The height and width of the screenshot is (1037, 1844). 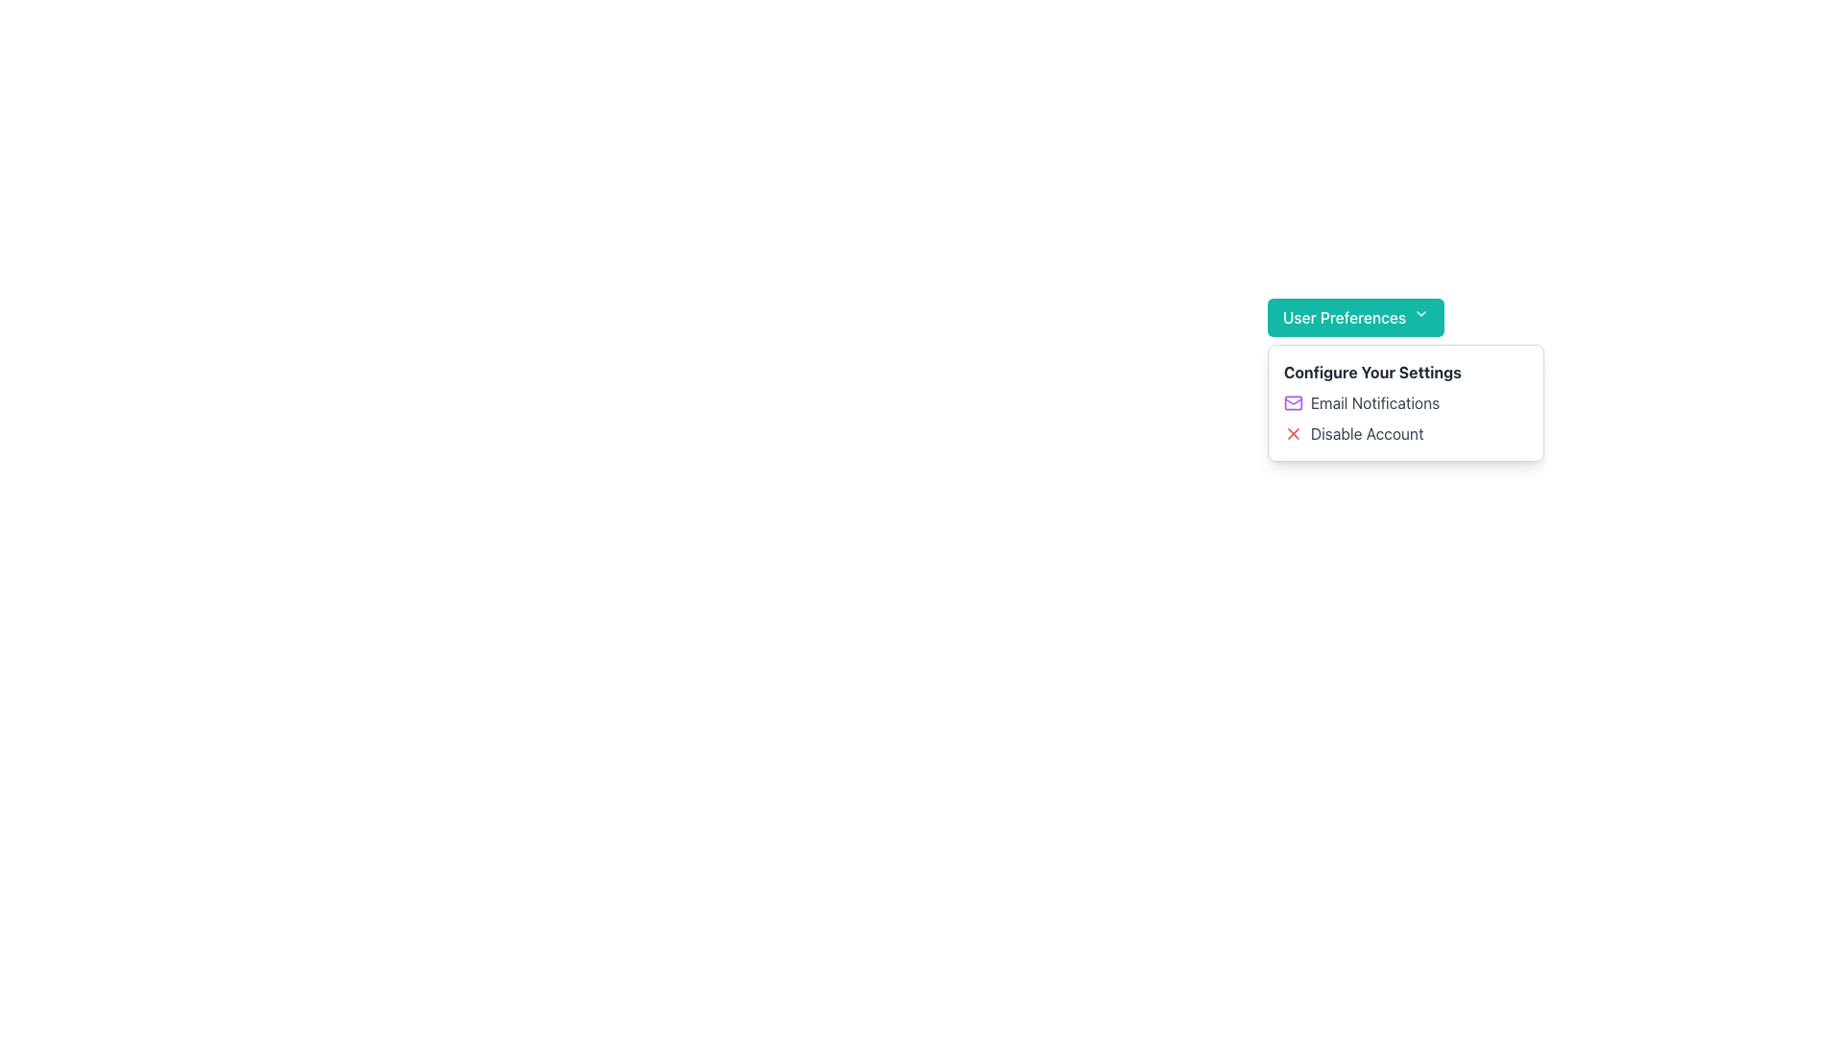 I want to click on the 'Disable Account' text label with a red cross icon, which is the second item in the 'Configure Your Settings' section, so click(x=1405, y=433).